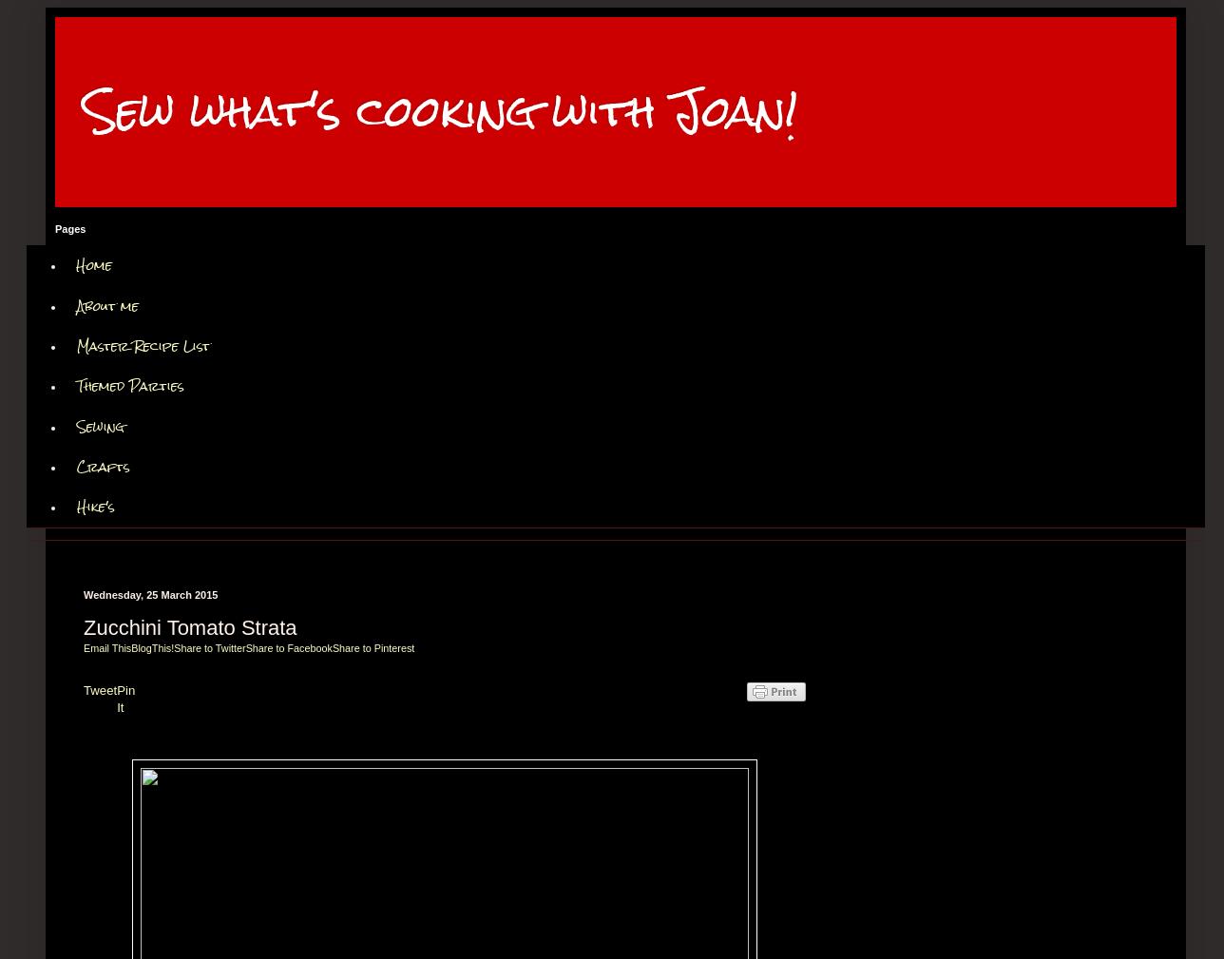 This screenshot has height=959, width=1224. I want to click on 'Share to Facebook', so click(288, 647).